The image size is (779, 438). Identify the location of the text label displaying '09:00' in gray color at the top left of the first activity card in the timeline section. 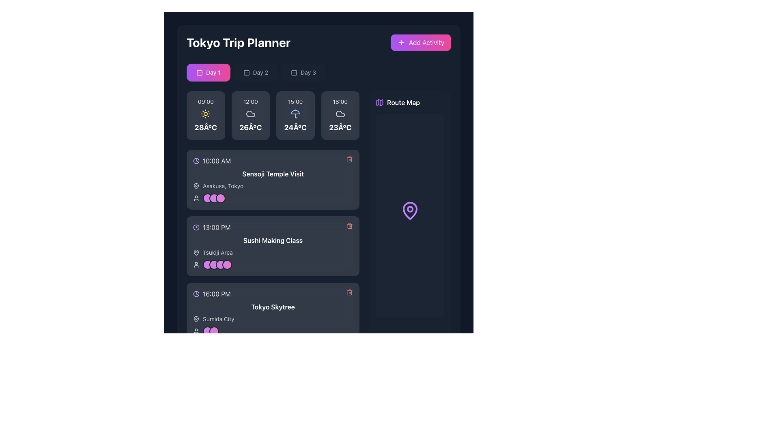
(206, 101).